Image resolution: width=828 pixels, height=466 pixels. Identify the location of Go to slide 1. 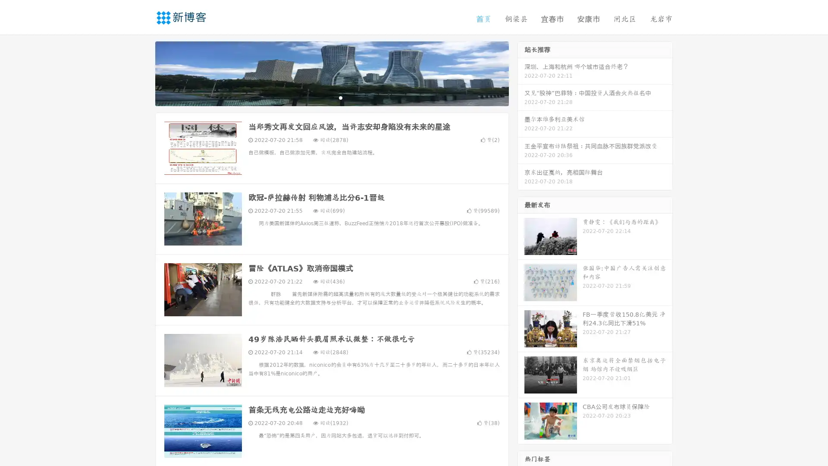
(323, 97).